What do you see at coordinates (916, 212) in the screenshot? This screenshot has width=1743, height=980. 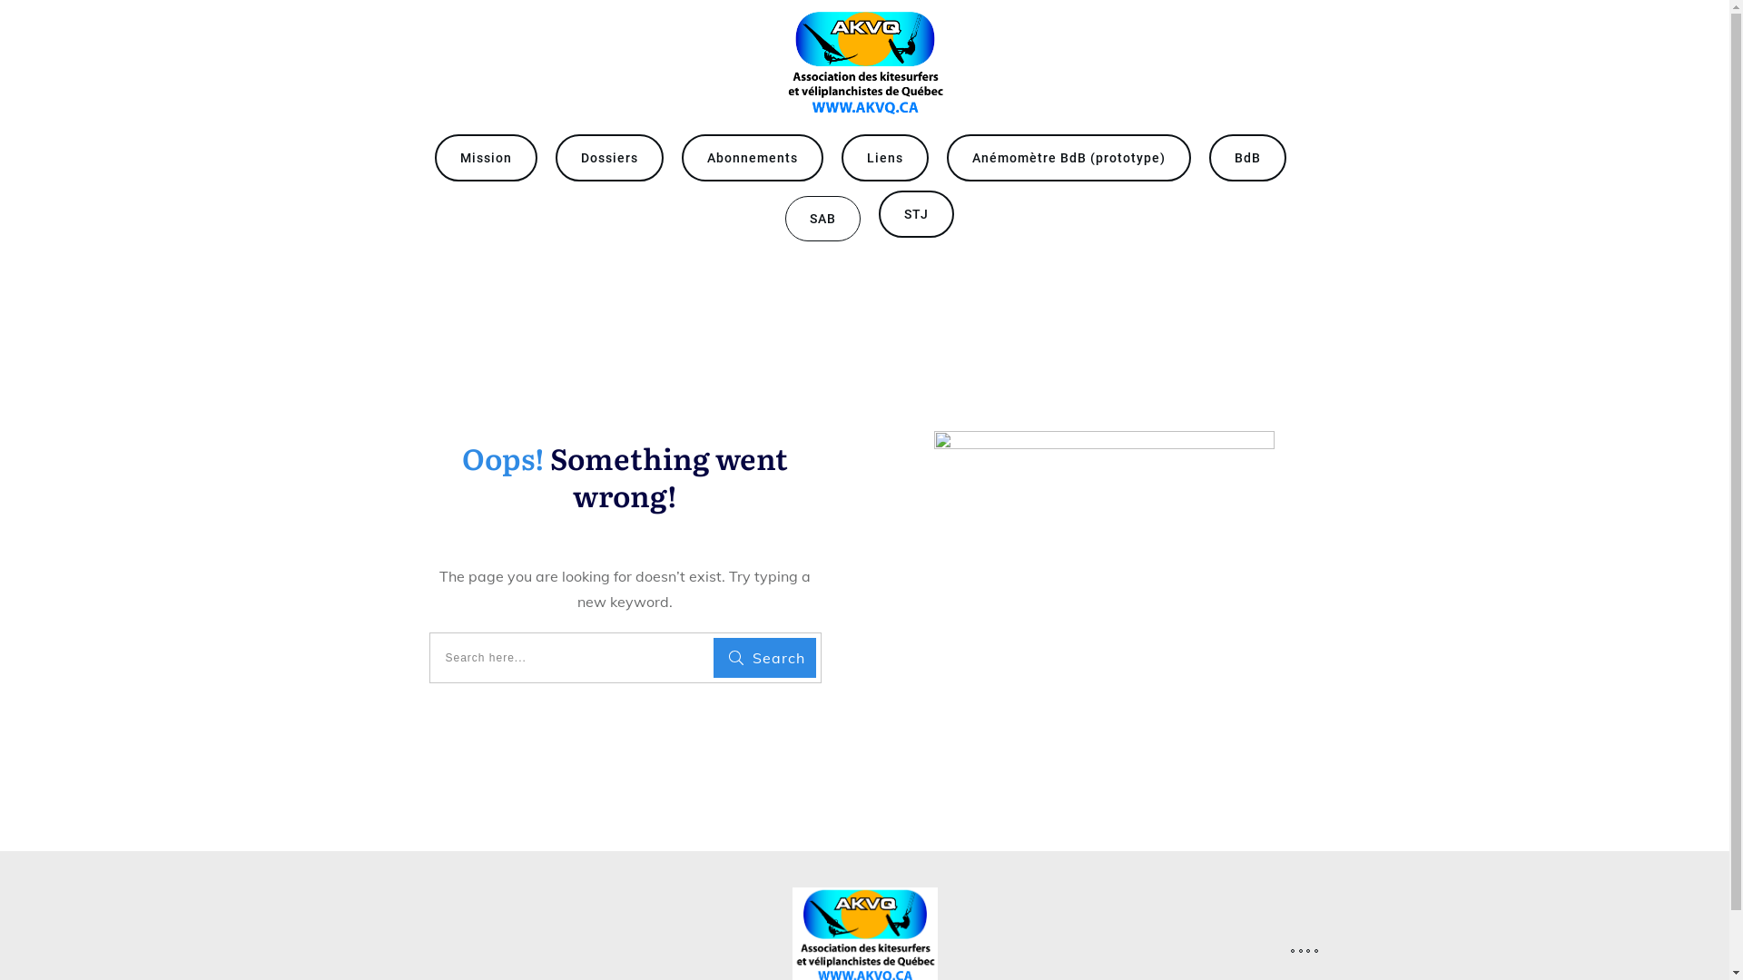 I see `'STJ'` at bounding box center [916, 212].